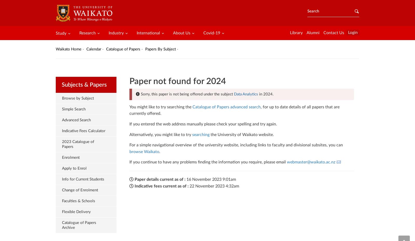 The width and height of the screenshot is (415, 241). I want to click on 'Catalogue of Papers Archive', so click(79, 225).